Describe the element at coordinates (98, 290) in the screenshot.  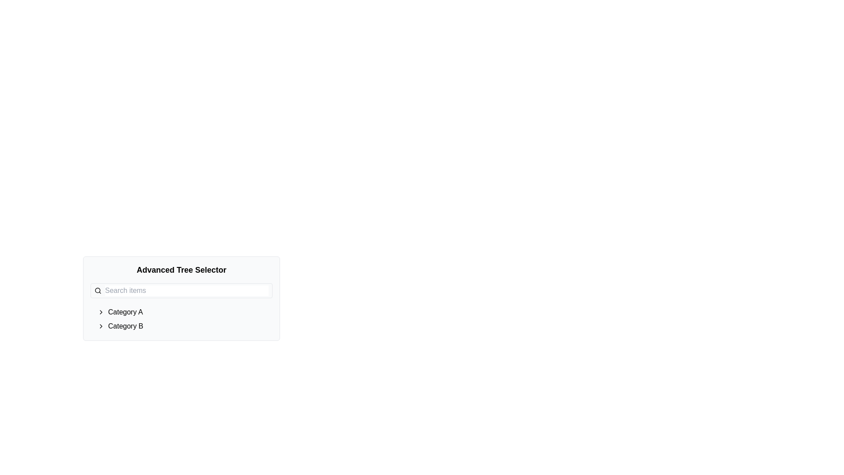
I see `the inner circular part of the magnifying glass representation located within the search icon to the left of the 'Search items' text input box` at that location.